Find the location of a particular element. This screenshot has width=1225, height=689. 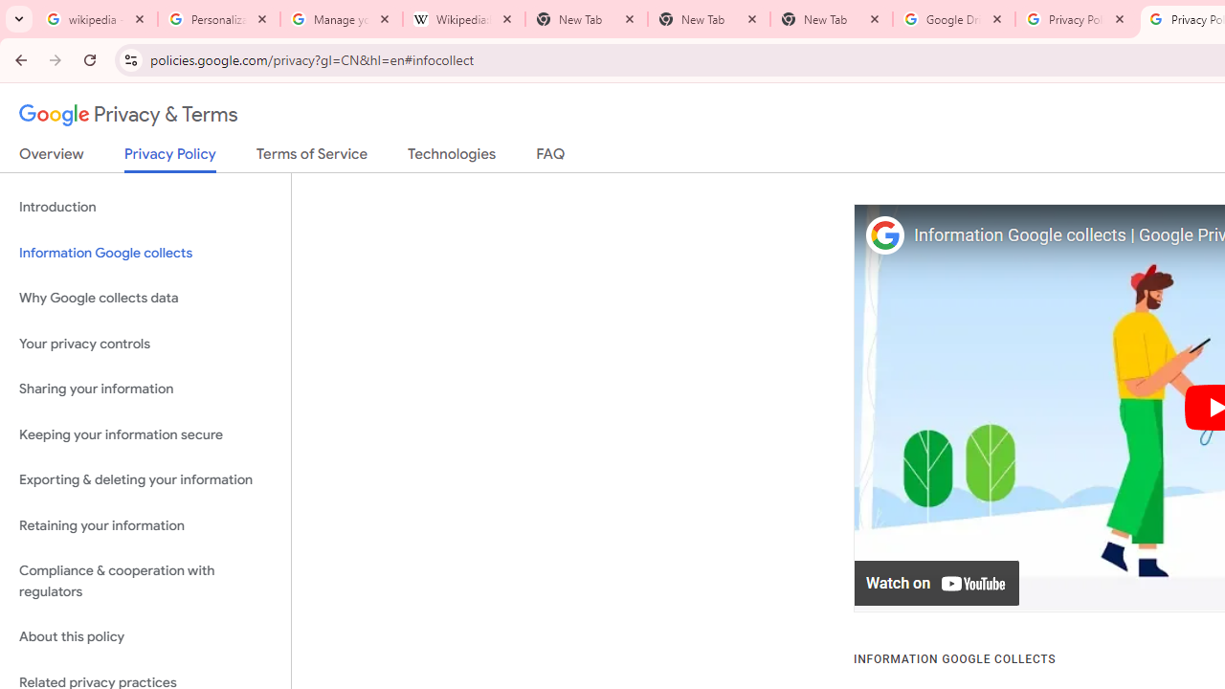

'Keeping your information secure' is located at coordinates (145, 434).